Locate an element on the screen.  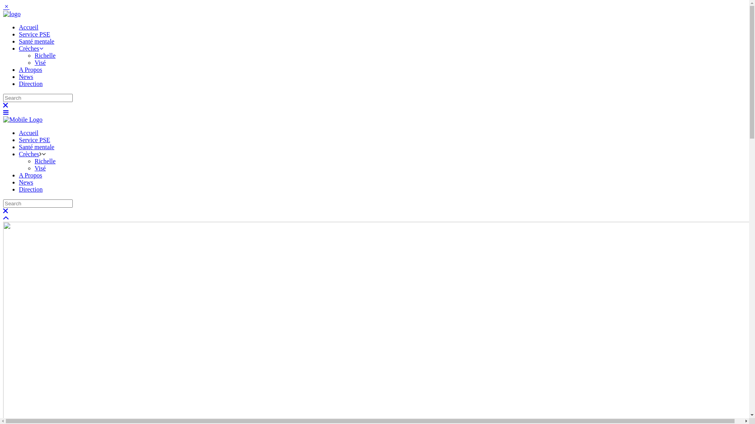
'Accueil' is located at coordinates (28, 27).